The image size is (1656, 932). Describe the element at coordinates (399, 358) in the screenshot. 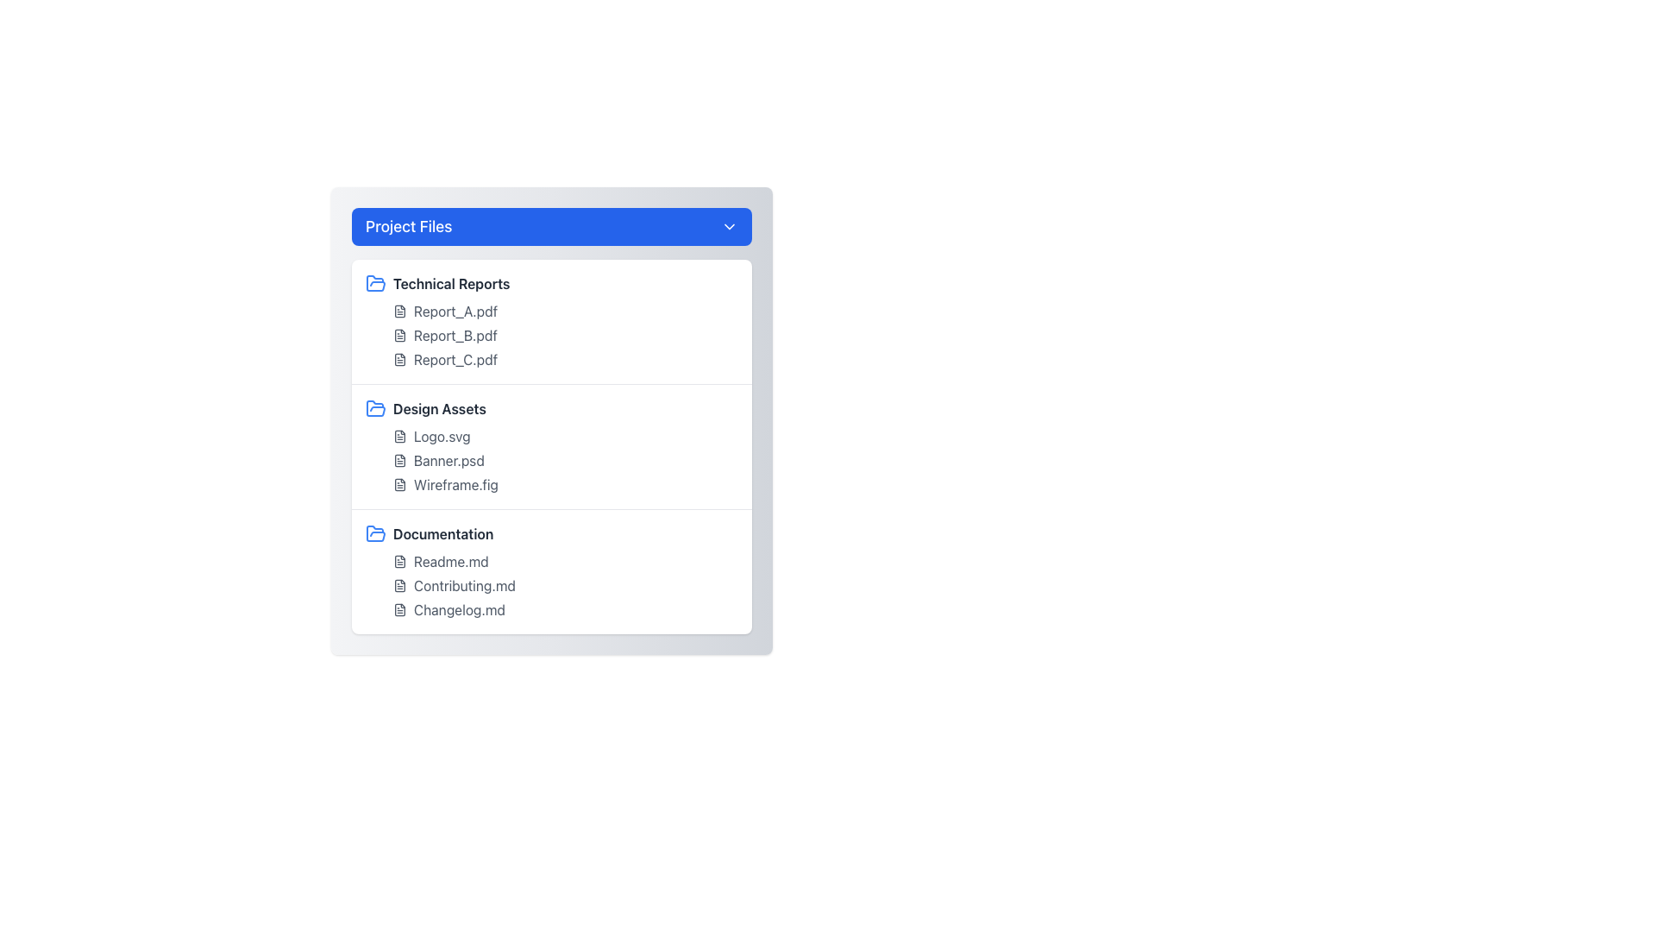

I see `the document icon representing 'Report_C.pdf' located` at that location.